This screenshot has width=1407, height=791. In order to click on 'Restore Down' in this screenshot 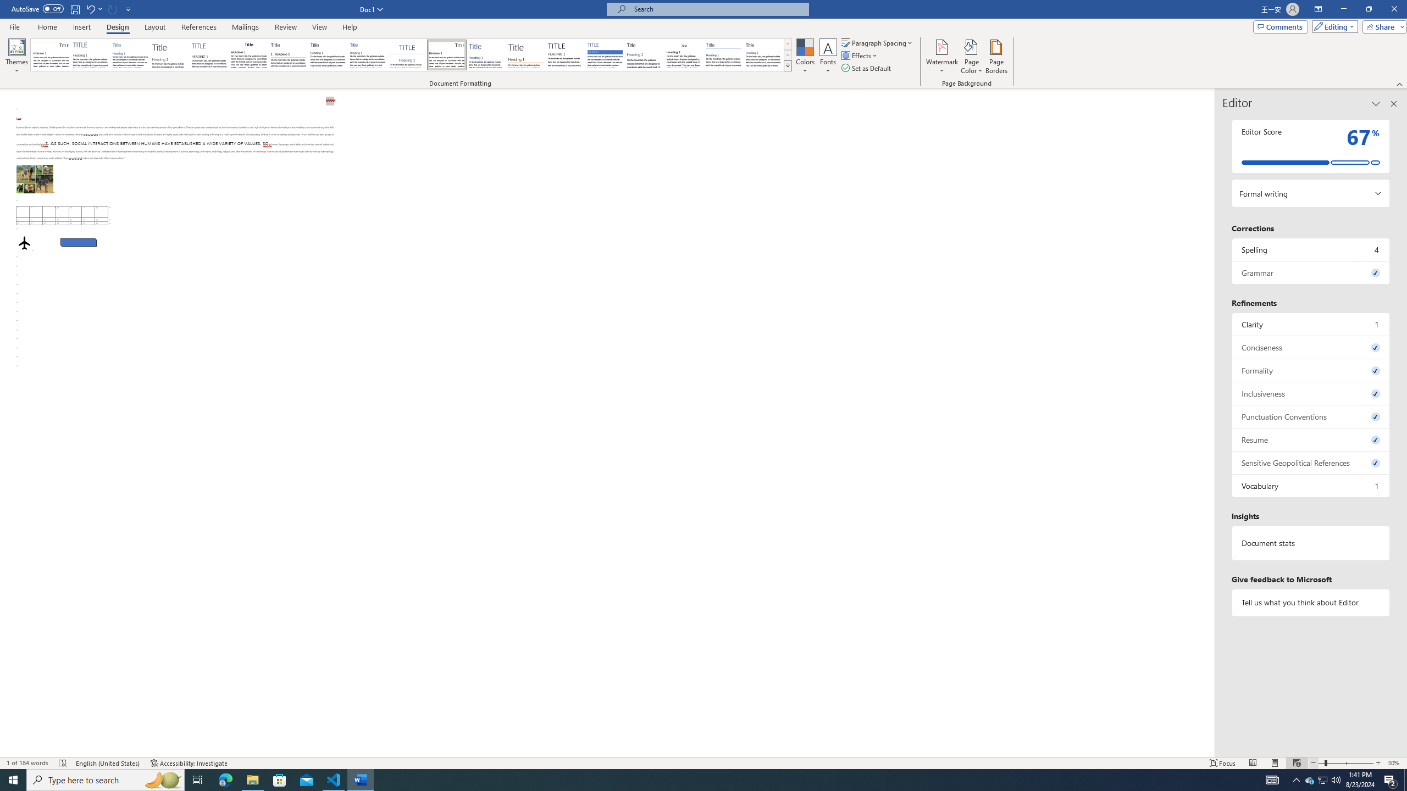, I will do `click(1369, 9)`.